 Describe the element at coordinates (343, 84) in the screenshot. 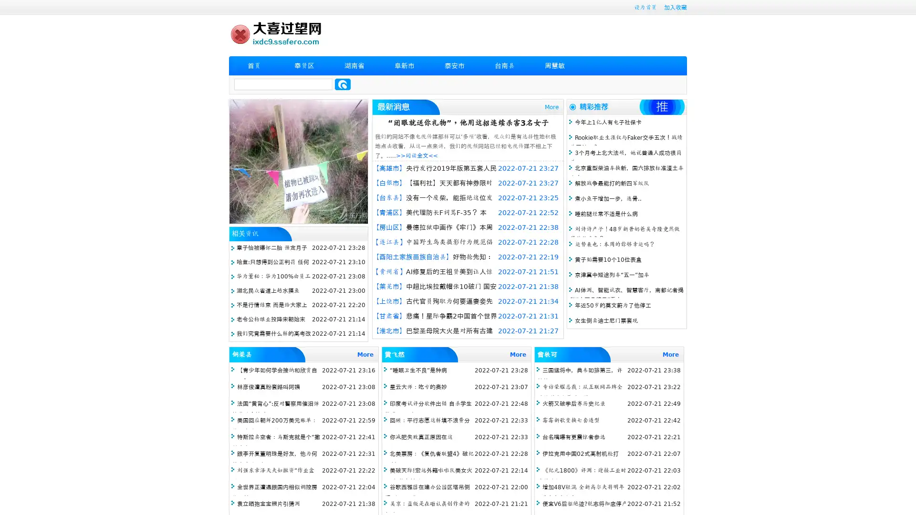

I see `Search` at that location.